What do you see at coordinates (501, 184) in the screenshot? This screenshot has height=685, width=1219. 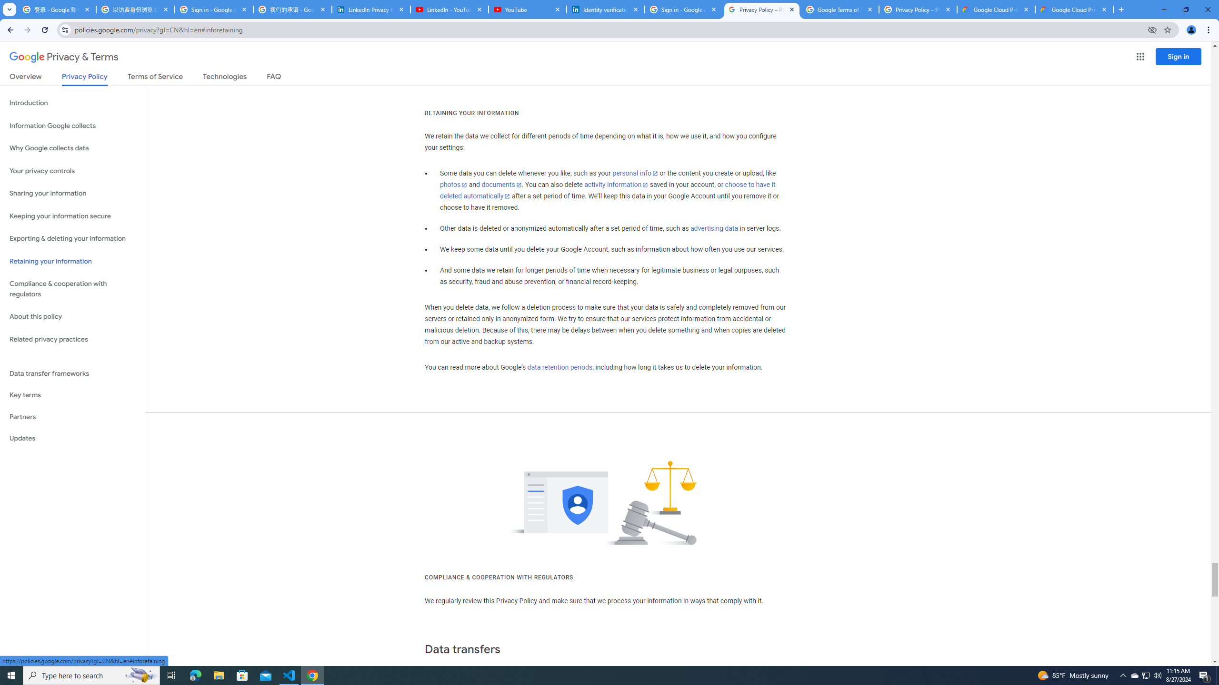 I see `'documents'` at bounding box center [501, 184].